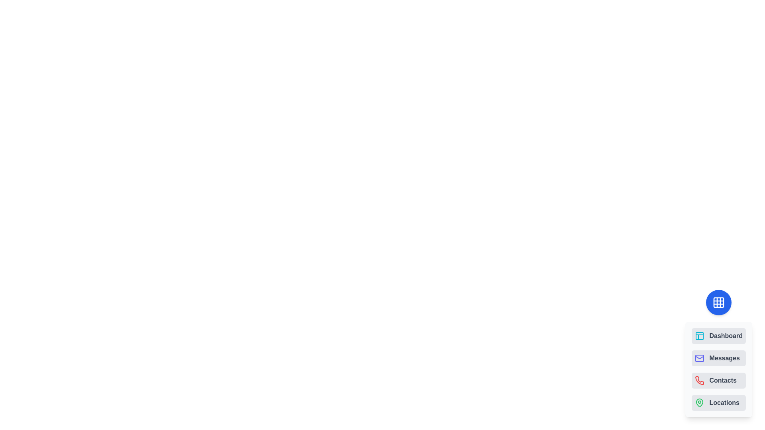 The height and width of the screenshot is (430, 765). What do you see at coordinates (719, 302) in the screenshot?
I see `speed dial toggle button to toggle the menu` at bounding box center [719, 302].